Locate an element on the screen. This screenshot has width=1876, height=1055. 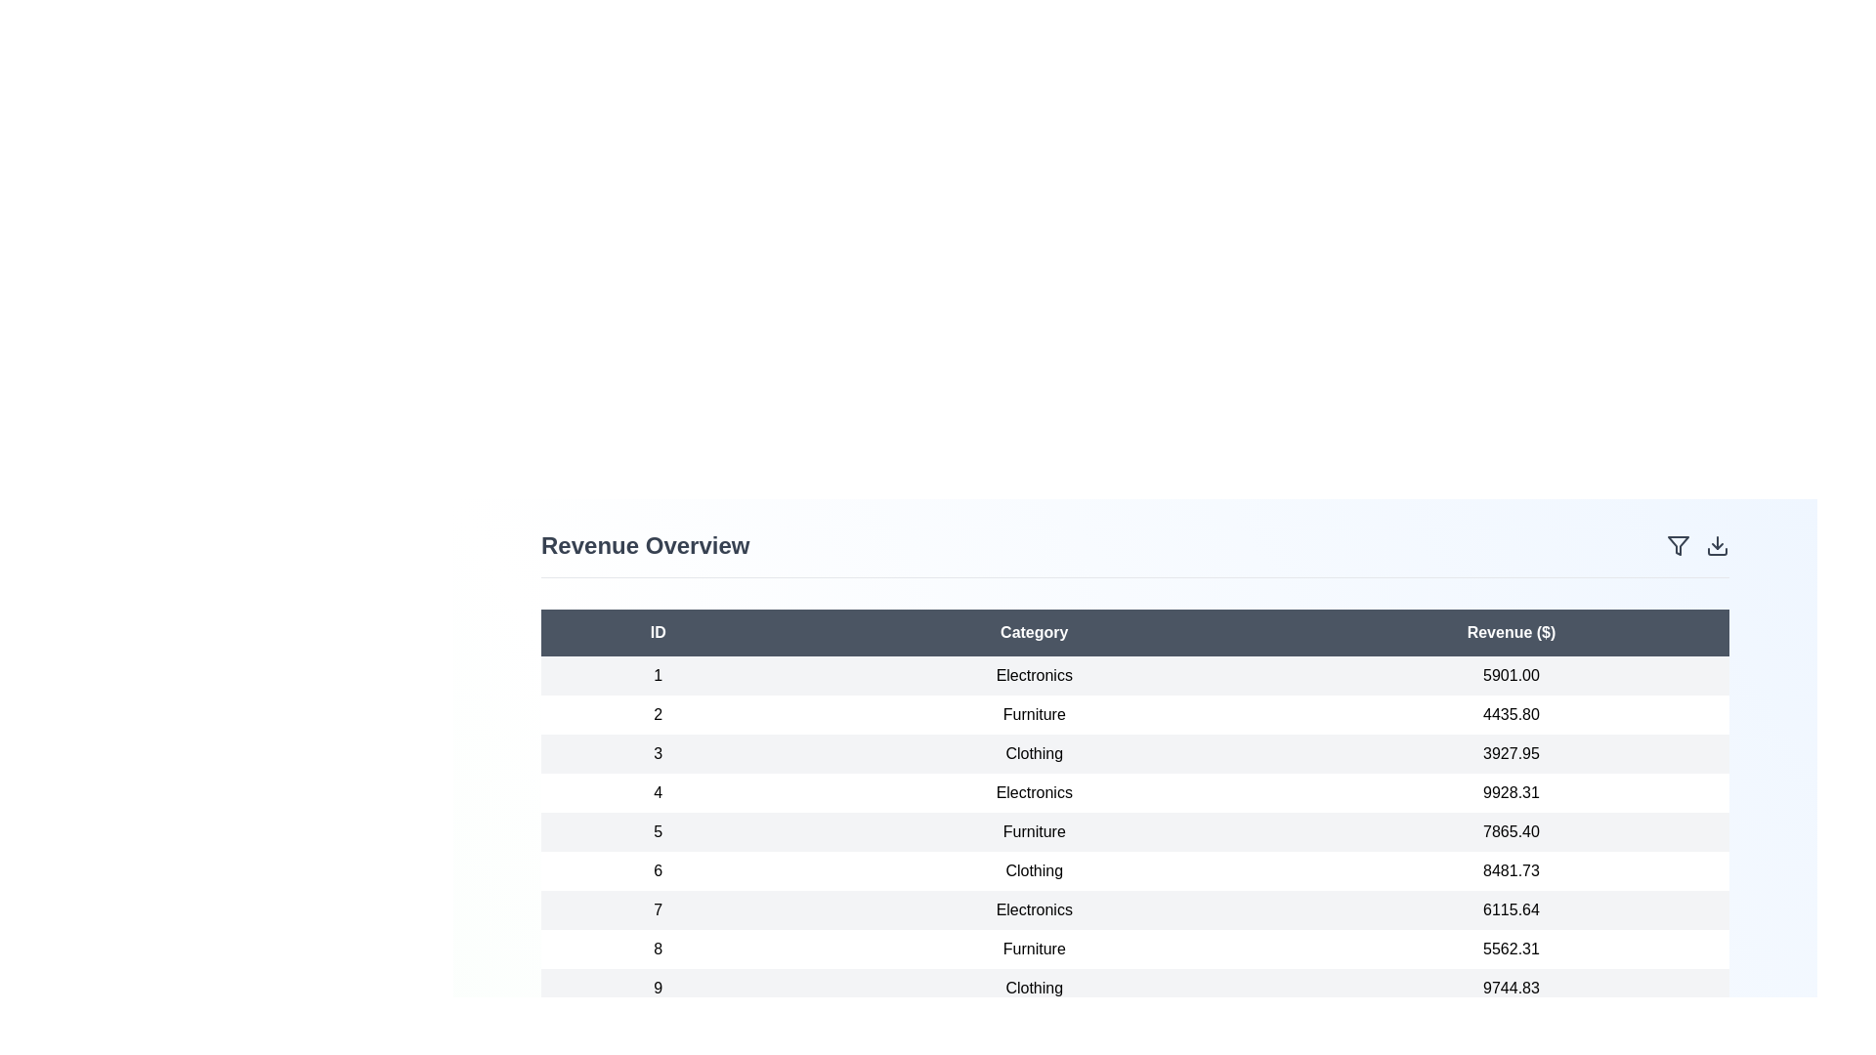
the 'Download' icon to download the data is located at coordinates (1716, 546).